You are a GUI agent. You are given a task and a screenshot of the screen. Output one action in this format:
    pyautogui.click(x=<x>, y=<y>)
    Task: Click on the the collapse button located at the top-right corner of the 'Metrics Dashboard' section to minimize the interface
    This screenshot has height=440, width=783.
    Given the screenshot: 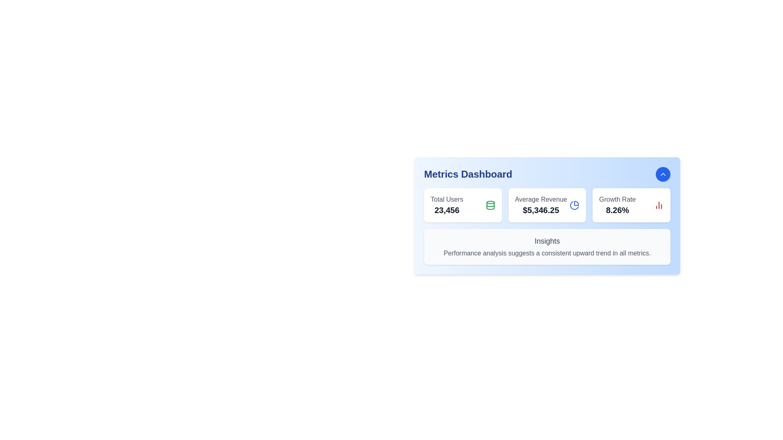 What is the action you would take?
    pyautogui.click(x=663, y=174)
    